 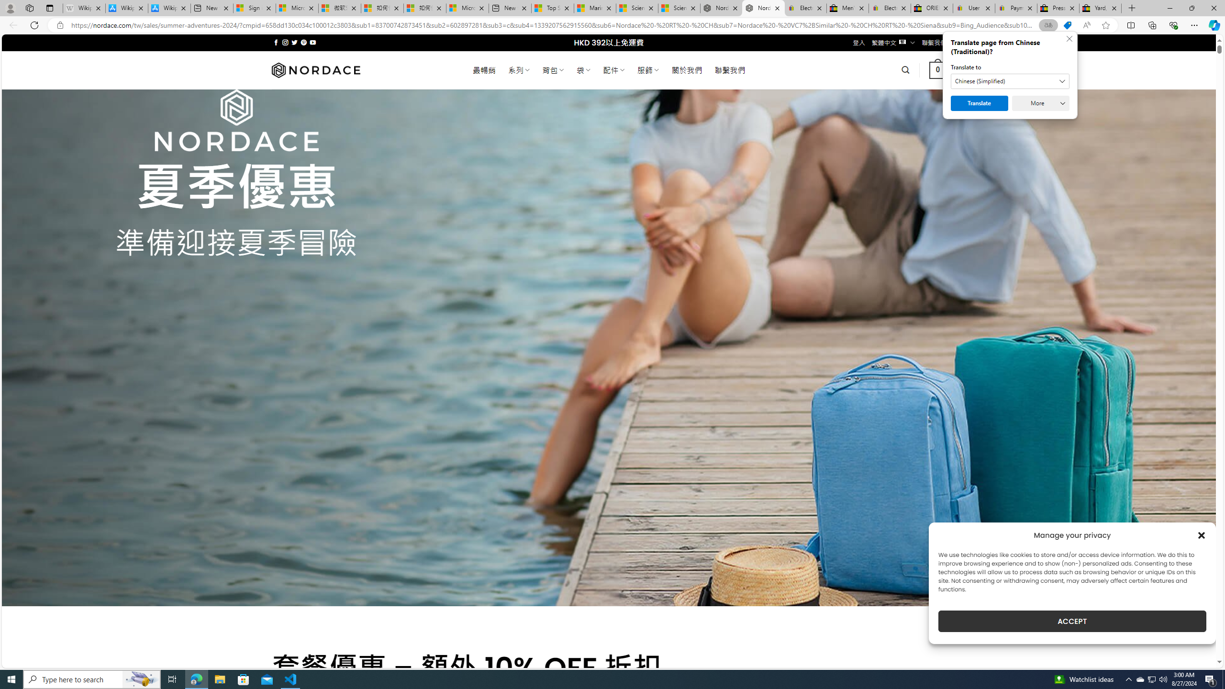 What do you see at coordinates (938, 69) in the screenshot?
I see `' 0 '` at bounding box center [938, 69].